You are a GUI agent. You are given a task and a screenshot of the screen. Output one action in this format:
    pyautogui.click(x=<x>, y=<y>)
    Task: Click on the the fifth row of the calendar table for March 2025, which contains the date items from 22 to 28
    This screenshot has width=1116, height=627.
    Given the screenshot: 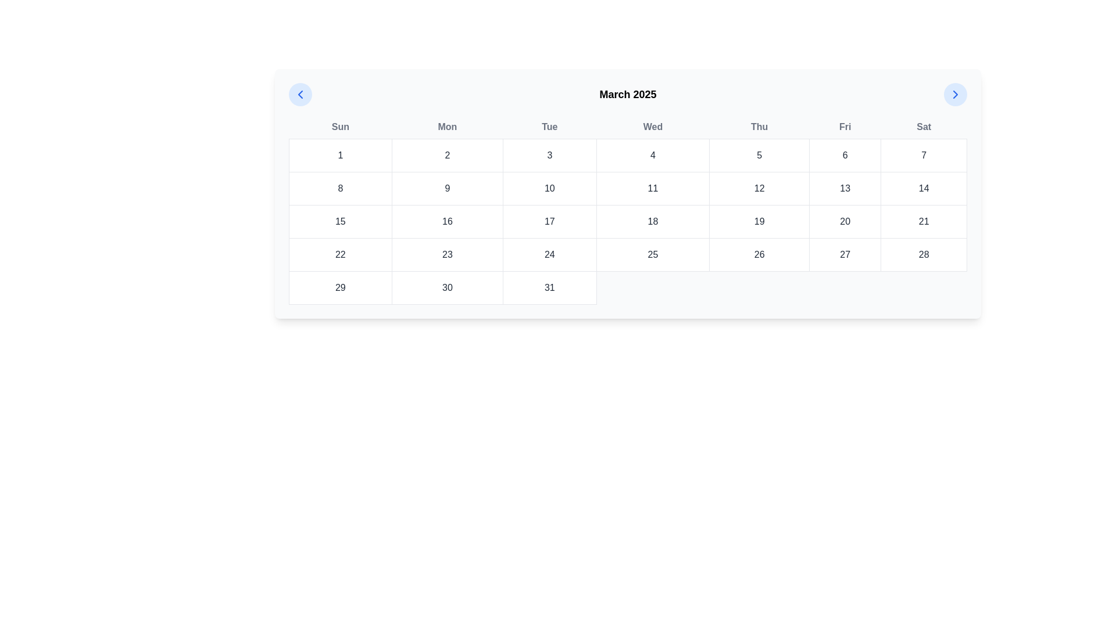 What is the action you would take?
    pyautogui.click(x=627, y=254)
    